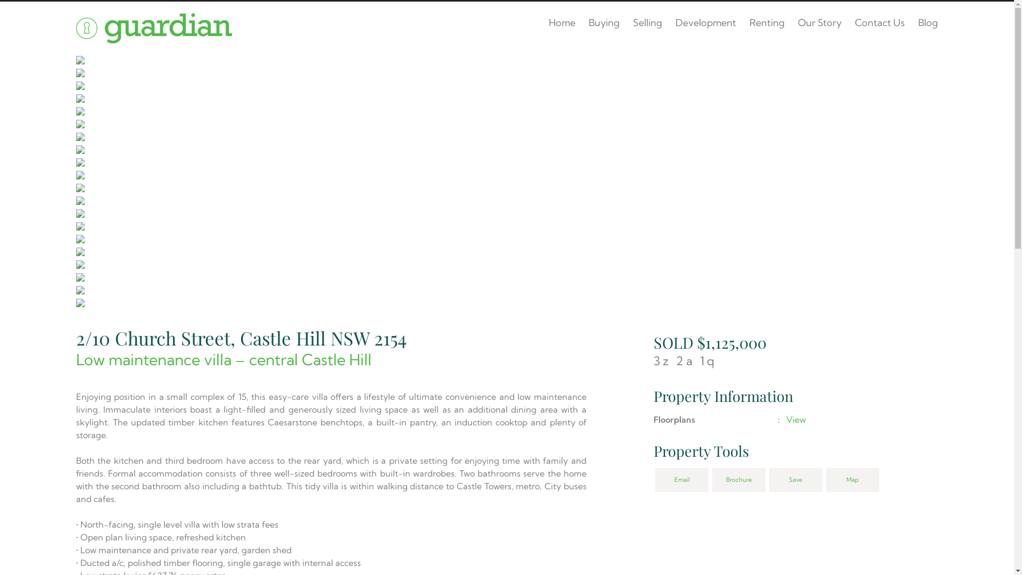  Describe the element at coordinates (633, 22) in the screenshot. I see `'Selling'` at that location.